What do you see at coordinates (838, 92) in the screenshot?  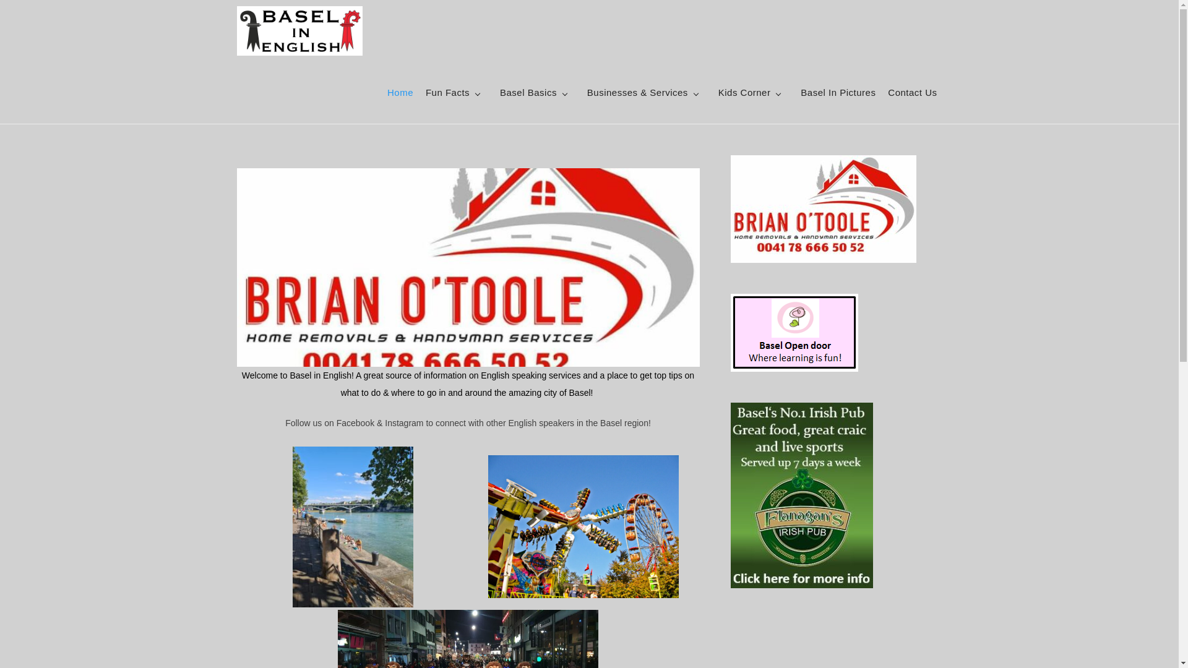 I see `'Basel In Pictures'` at bounding box center [838, 92].